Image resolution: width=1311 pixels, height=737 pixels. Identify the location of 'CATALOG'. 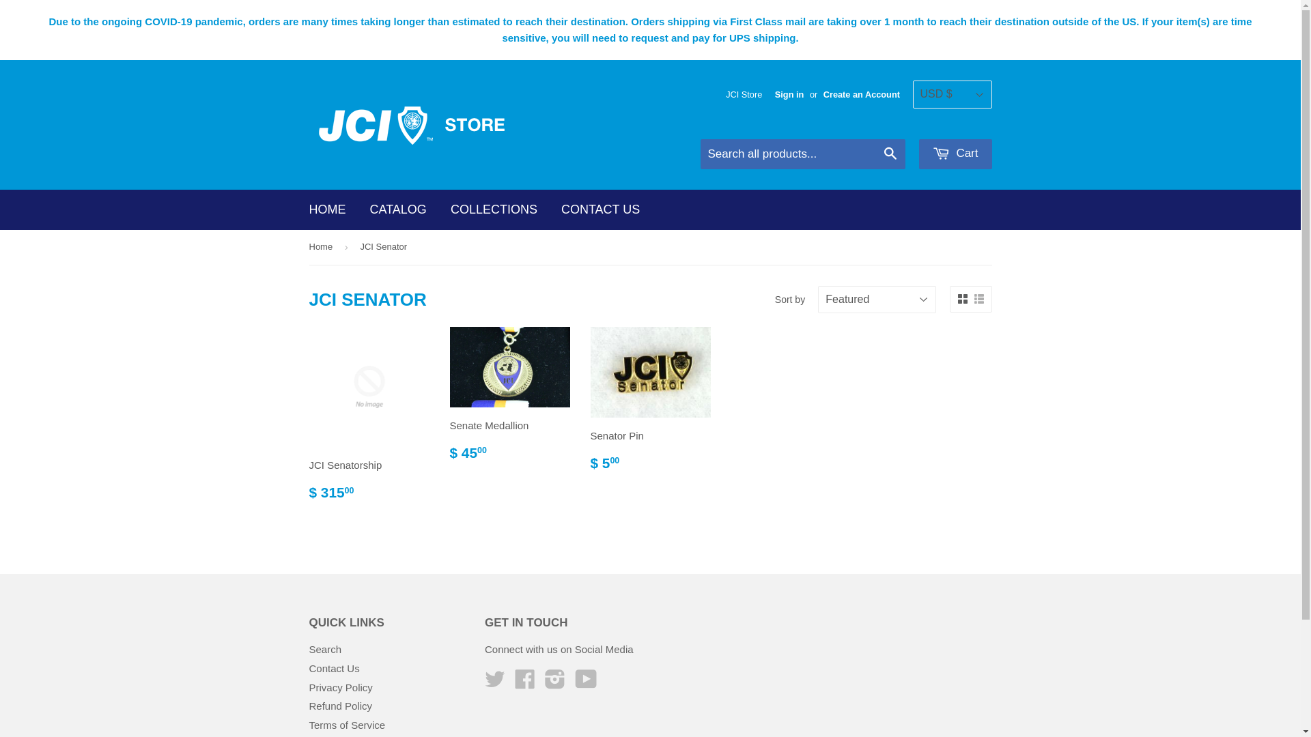
(397, 209).